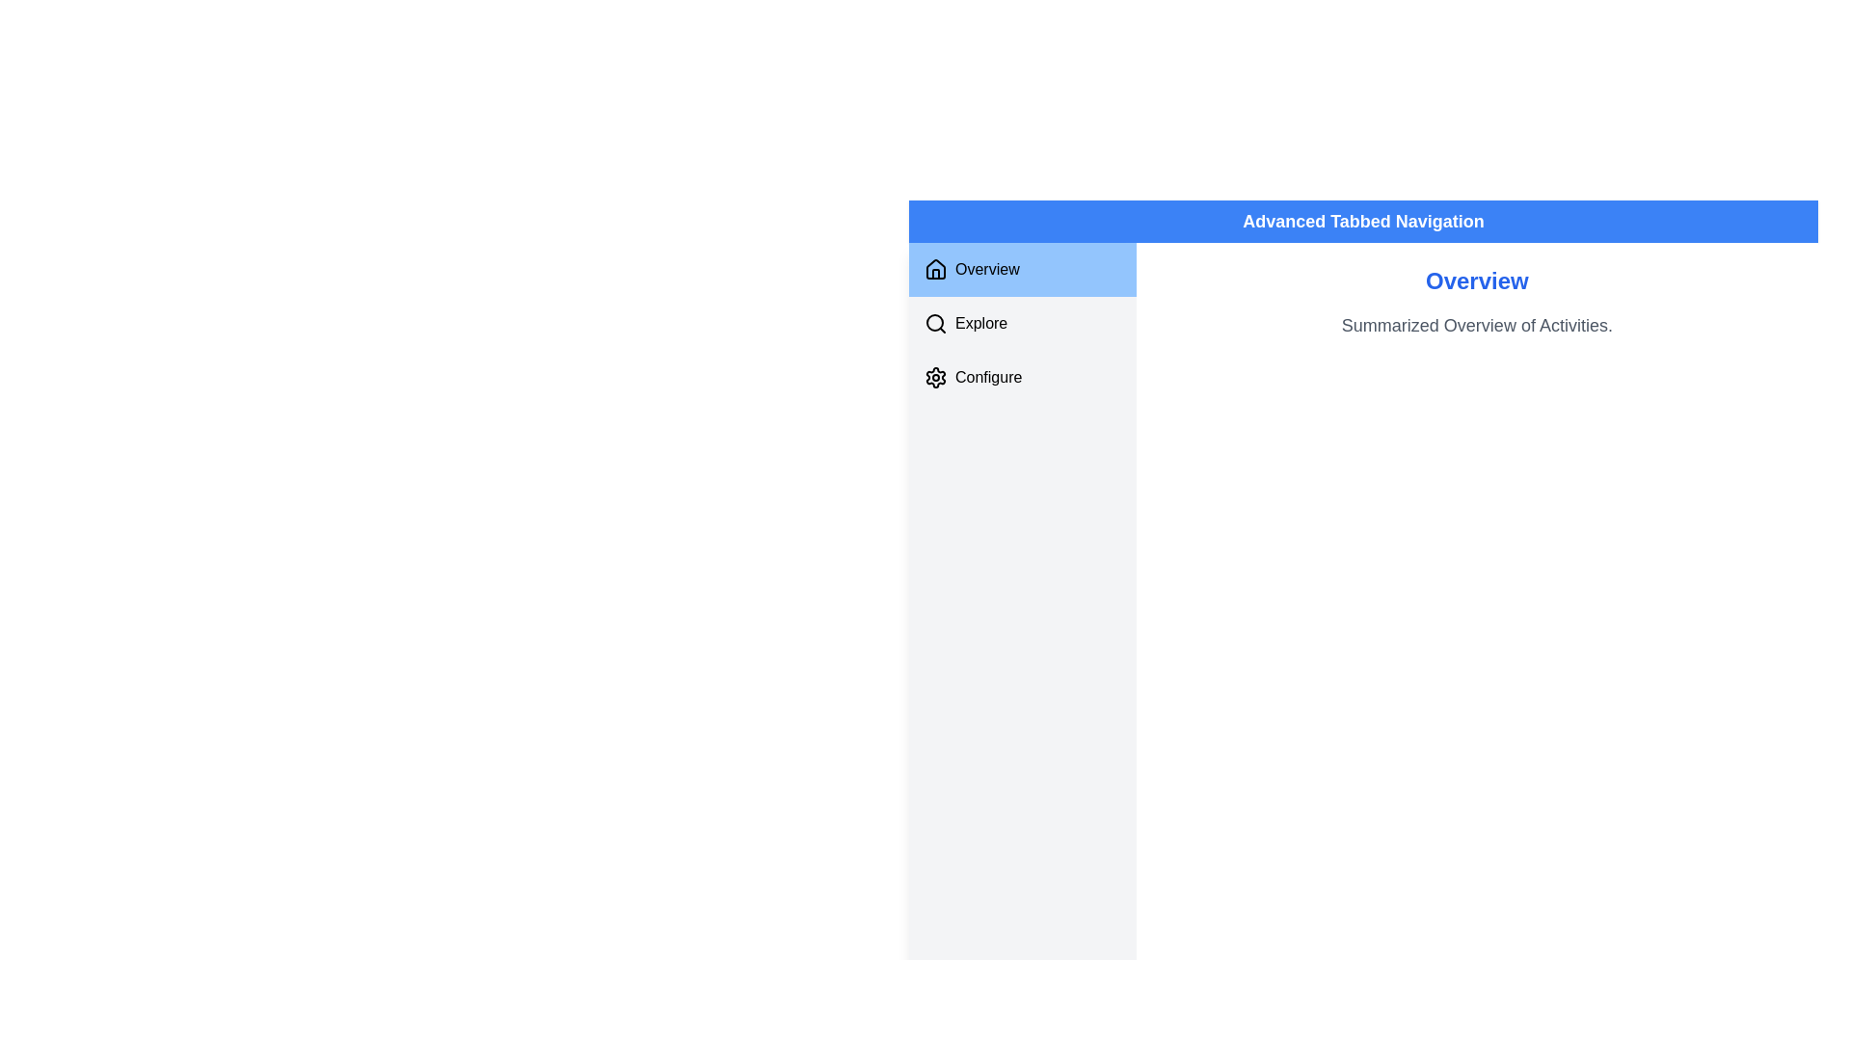 This screenshot has height=1041, width=1851. I want to click on the gear-shaped settings icon, so click(935, 378).